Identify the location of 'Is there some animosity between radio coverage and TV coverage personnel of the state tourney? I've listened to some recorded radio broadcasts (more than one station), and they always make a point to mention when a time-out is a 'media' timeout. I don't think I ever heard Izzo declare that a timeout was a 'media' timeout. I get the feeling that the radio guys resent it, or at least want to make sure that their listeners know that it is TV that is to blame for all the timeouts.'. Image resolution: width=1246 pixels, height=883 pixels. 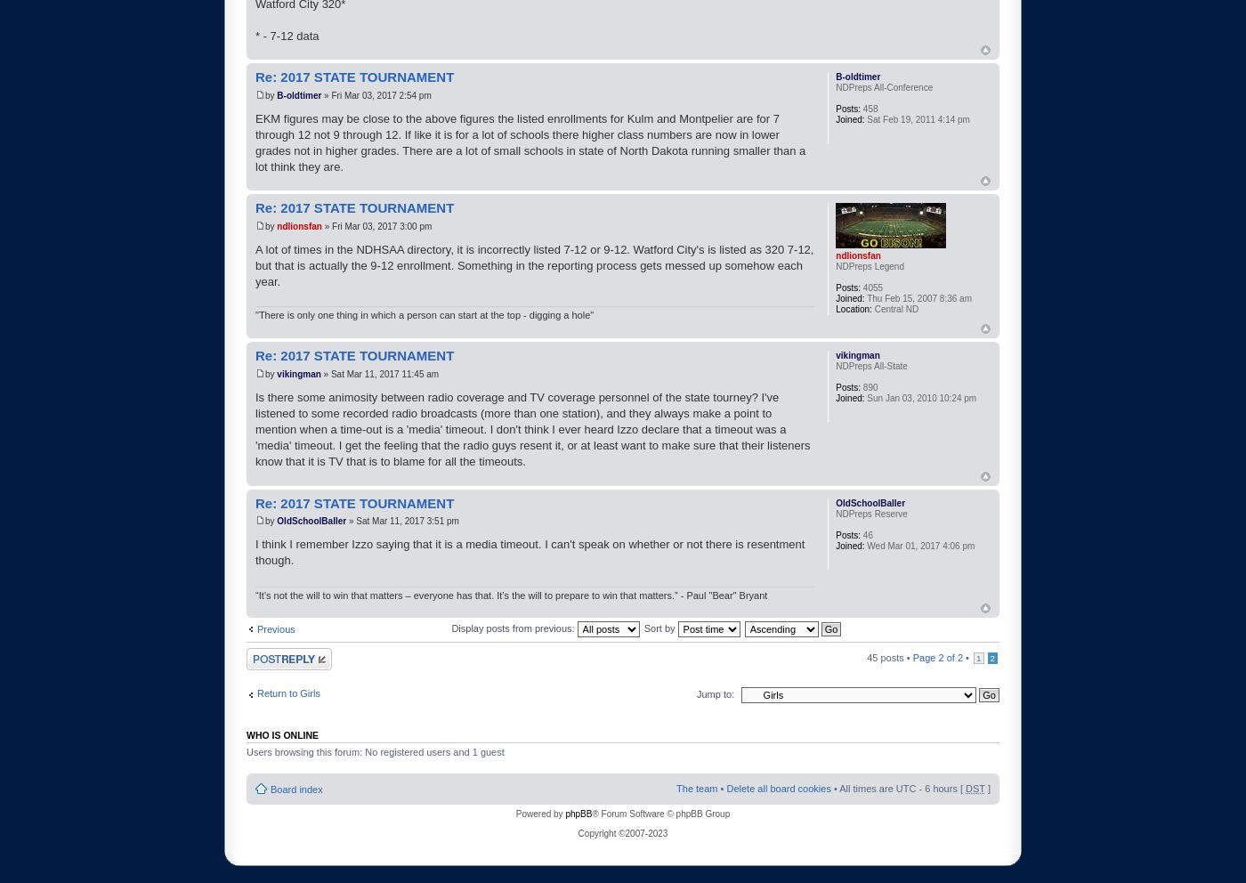
(532, 429).